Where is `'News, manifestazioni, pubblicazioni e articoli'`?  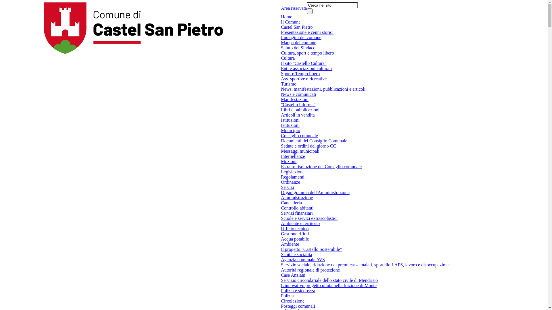 'News, manifestazioni, pubblicazioni e articoli' is located at coordinates (323, 89).